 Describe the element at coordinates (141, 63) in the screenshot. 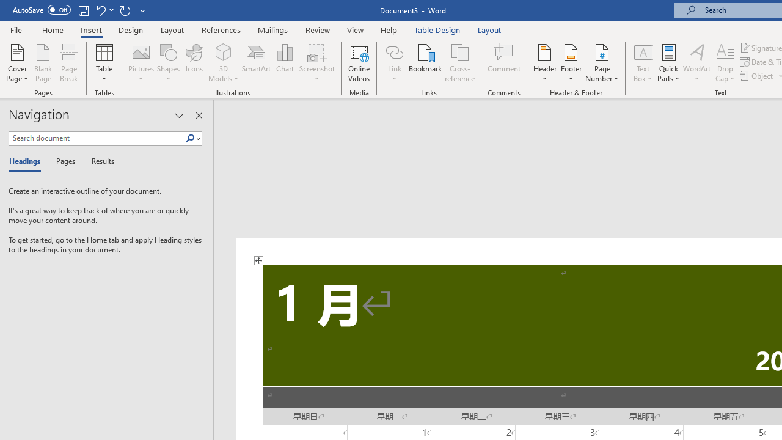

I see `'Pictures'` at that location.